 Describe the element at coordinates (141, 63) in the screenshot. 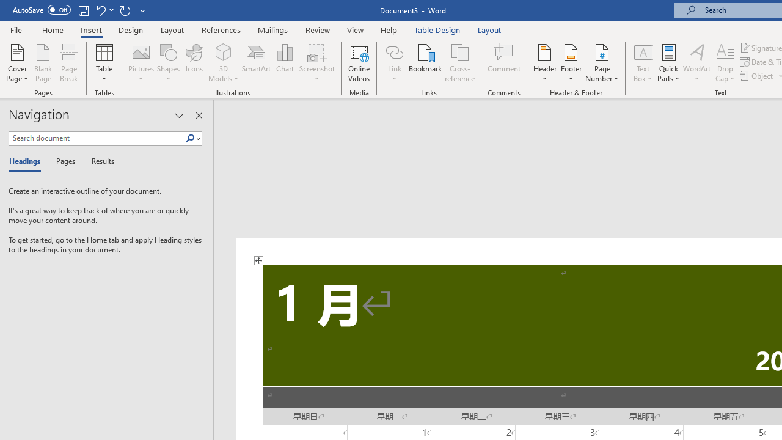

I see `'Pictures'` at that location.